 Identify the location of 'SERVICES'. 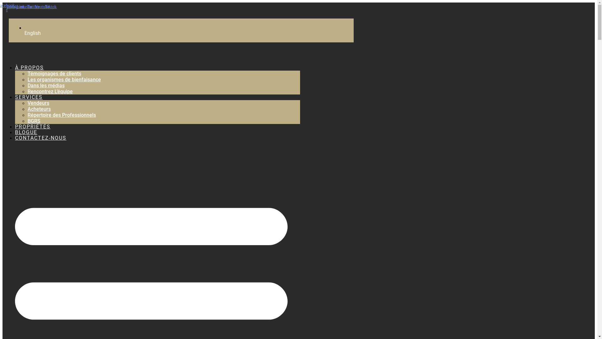
(28, 97).